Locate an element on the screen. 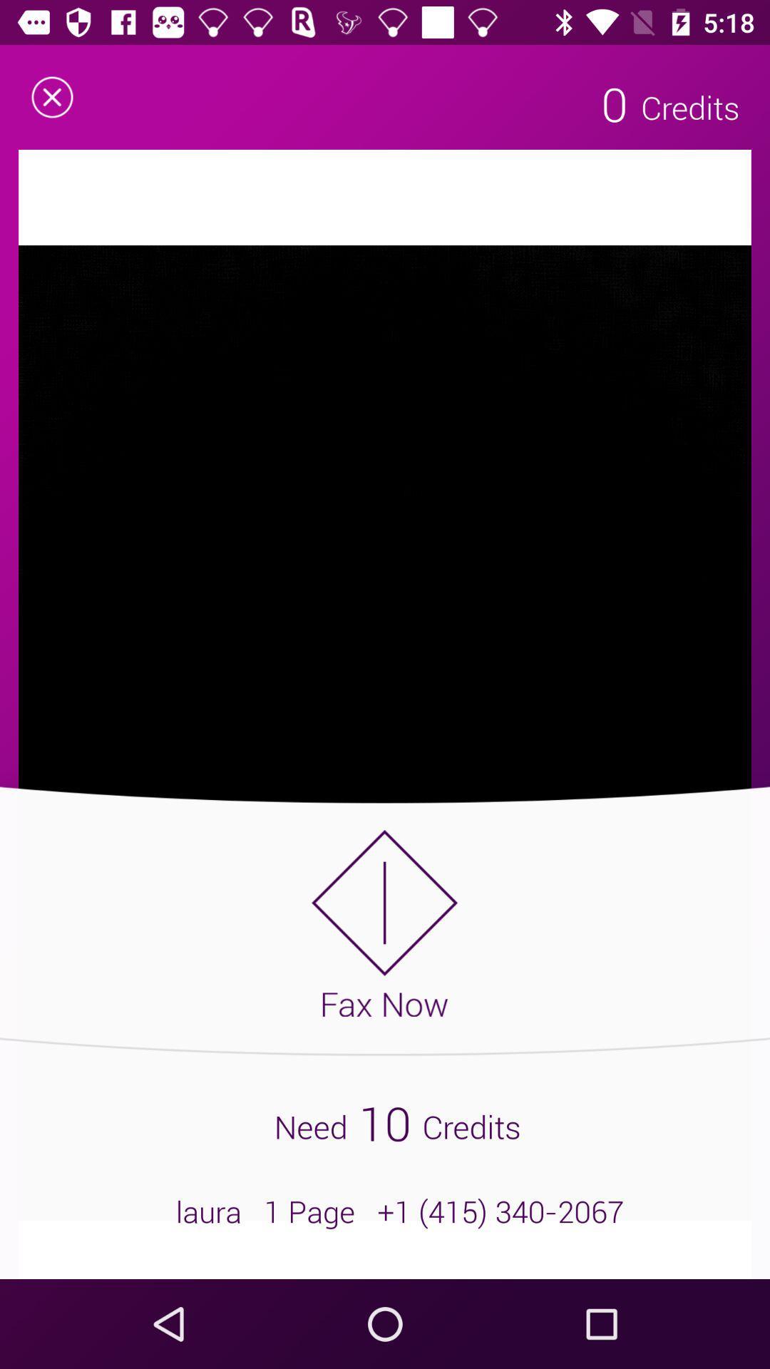  the app above the  10 is located at coordinates (384, 923).